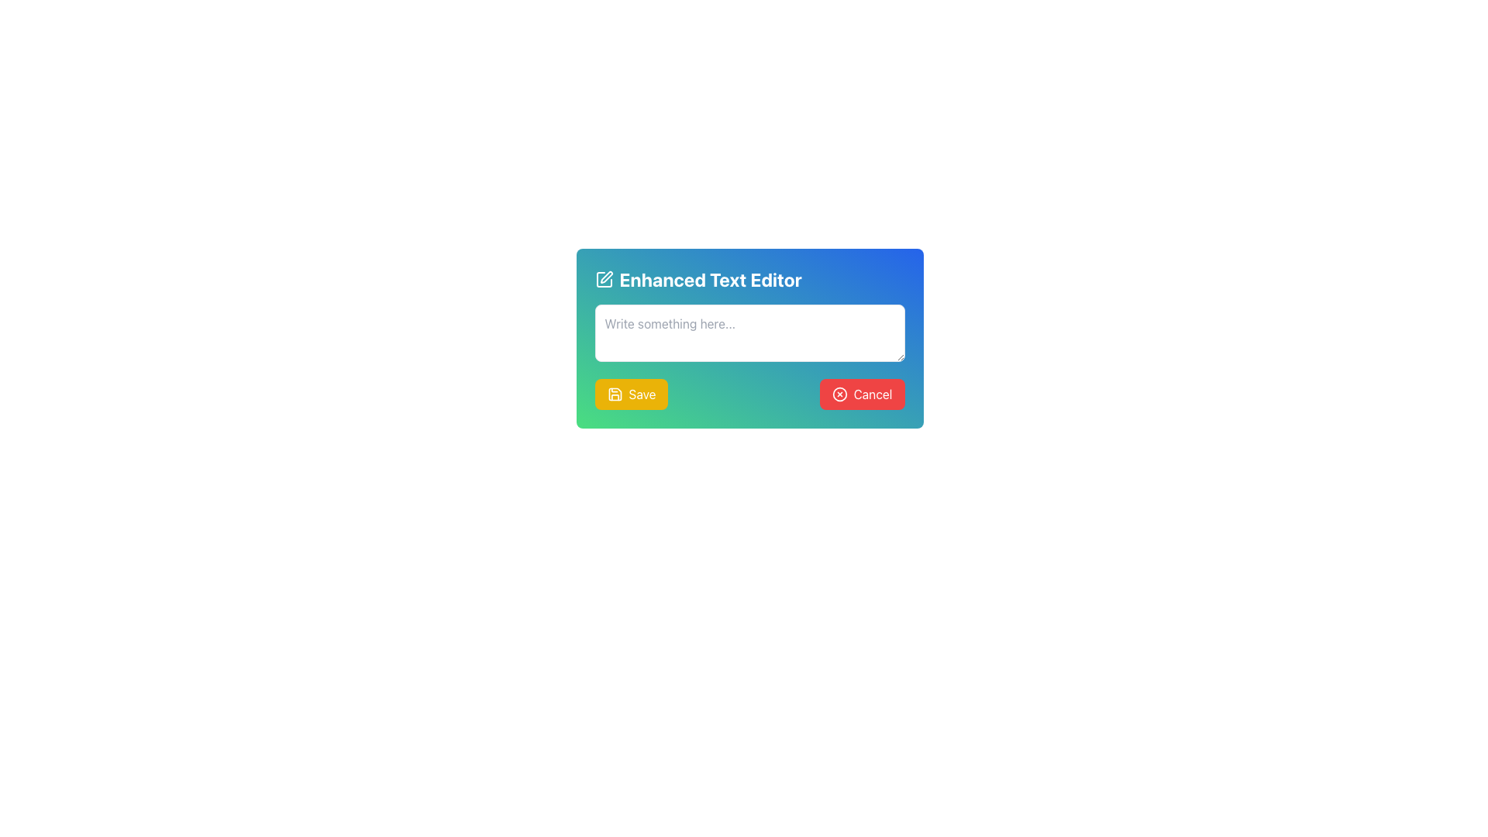 Image resolution: width=1488 pixels, height=837 pixels. What do you see at coordinates (839, 394) in the screenshot?
I see `the small circular icon with a red background and white border containing an 'X' symbol, which is located to the left of the 'Cancel' button` at bounding box center [839, 394].